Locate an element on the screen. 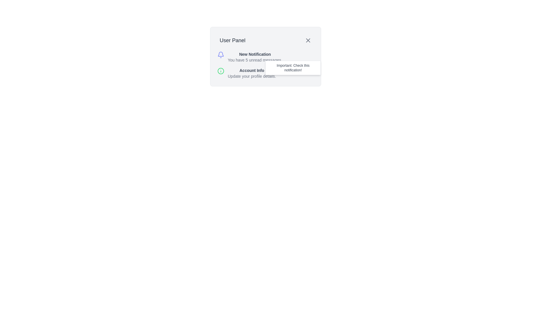 This screenshot has width=555, height=312. the 'Account Info' informational text item with an icon, which features a green circle enclosing an 'i' is located at coordinates (265, 73).